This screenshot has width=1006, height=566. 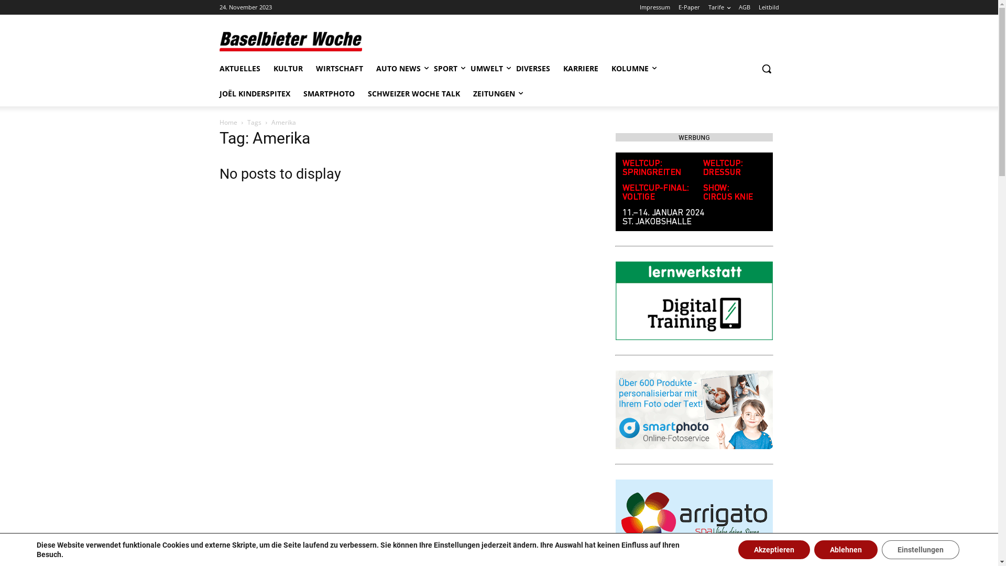 What do you see at coordinates (532, 69) in the screenshot?
I see `'DIVERSES'` at bounding box center [532, 69].